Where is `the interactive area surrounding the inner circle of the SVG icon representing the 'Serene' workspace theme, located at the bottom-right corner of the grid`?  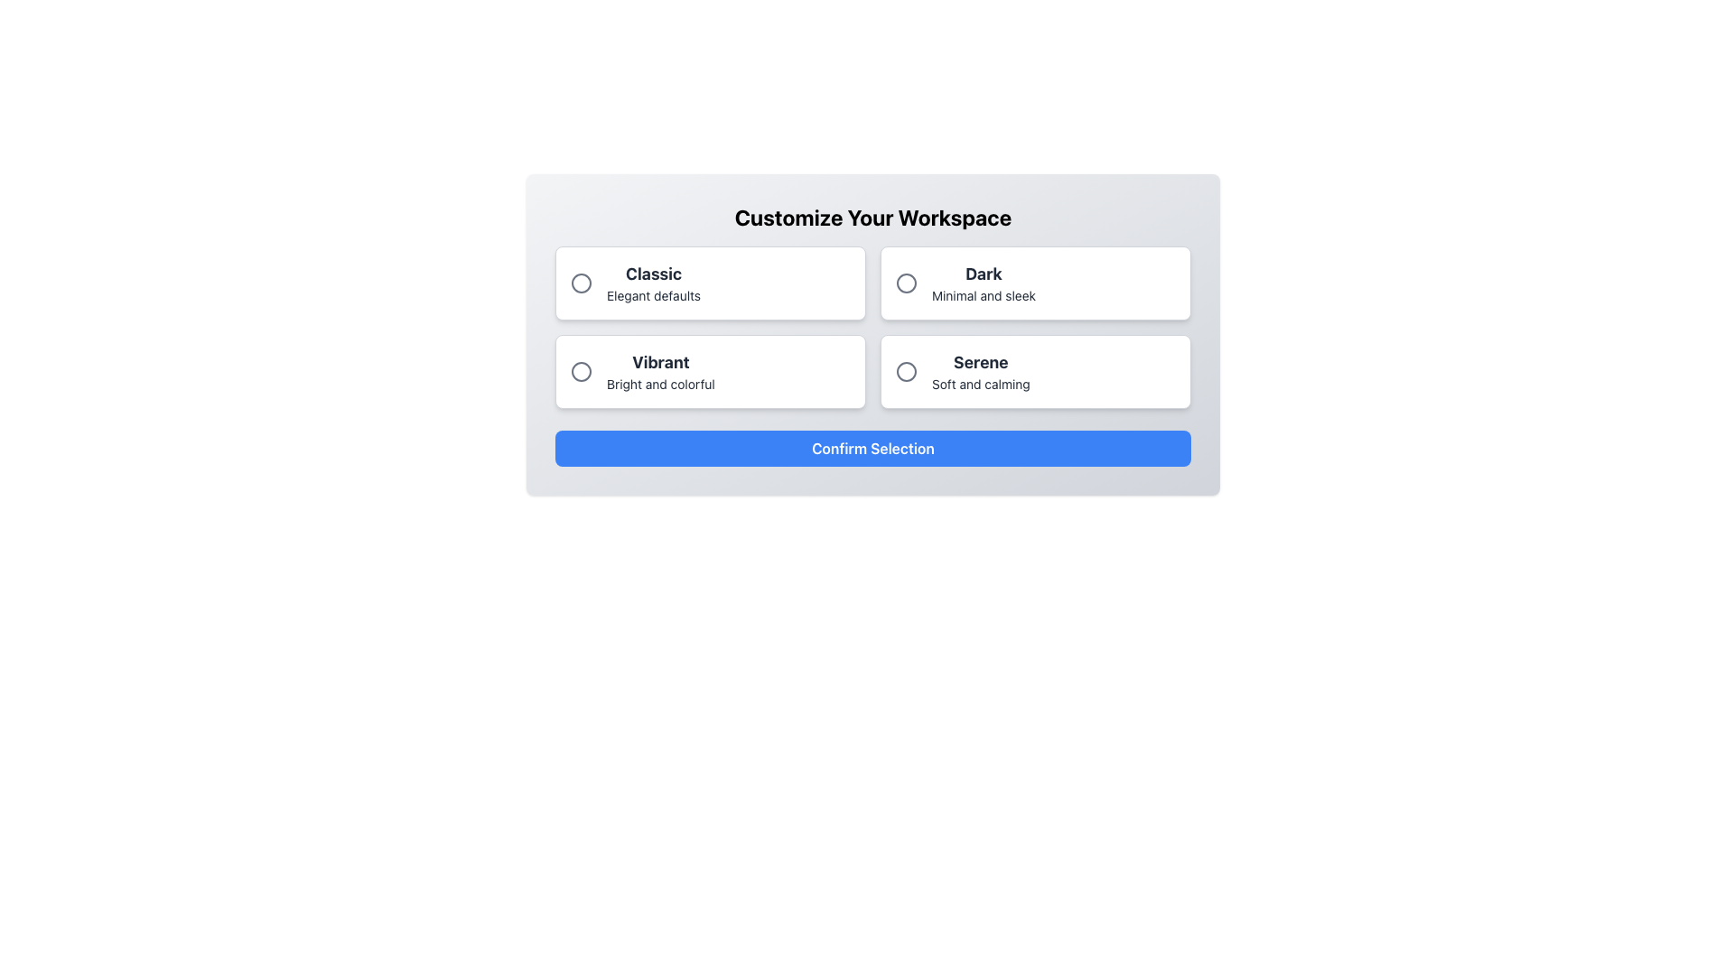 the interactive area surrounding the inner circle of the SVG icon representing the 'Serene' workspace theme, located at the bottom-right corner of the grid is located at coordinates (906, 371).